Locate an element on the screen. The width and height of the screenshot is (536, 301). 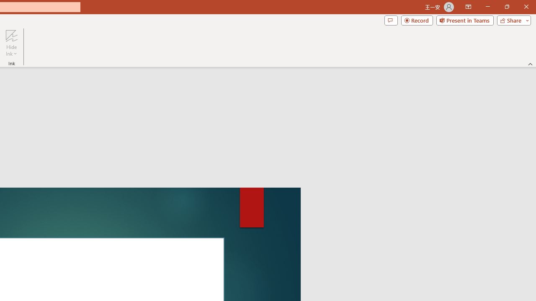
'Ribbon Display Options' is located at coordinates (468, 7).